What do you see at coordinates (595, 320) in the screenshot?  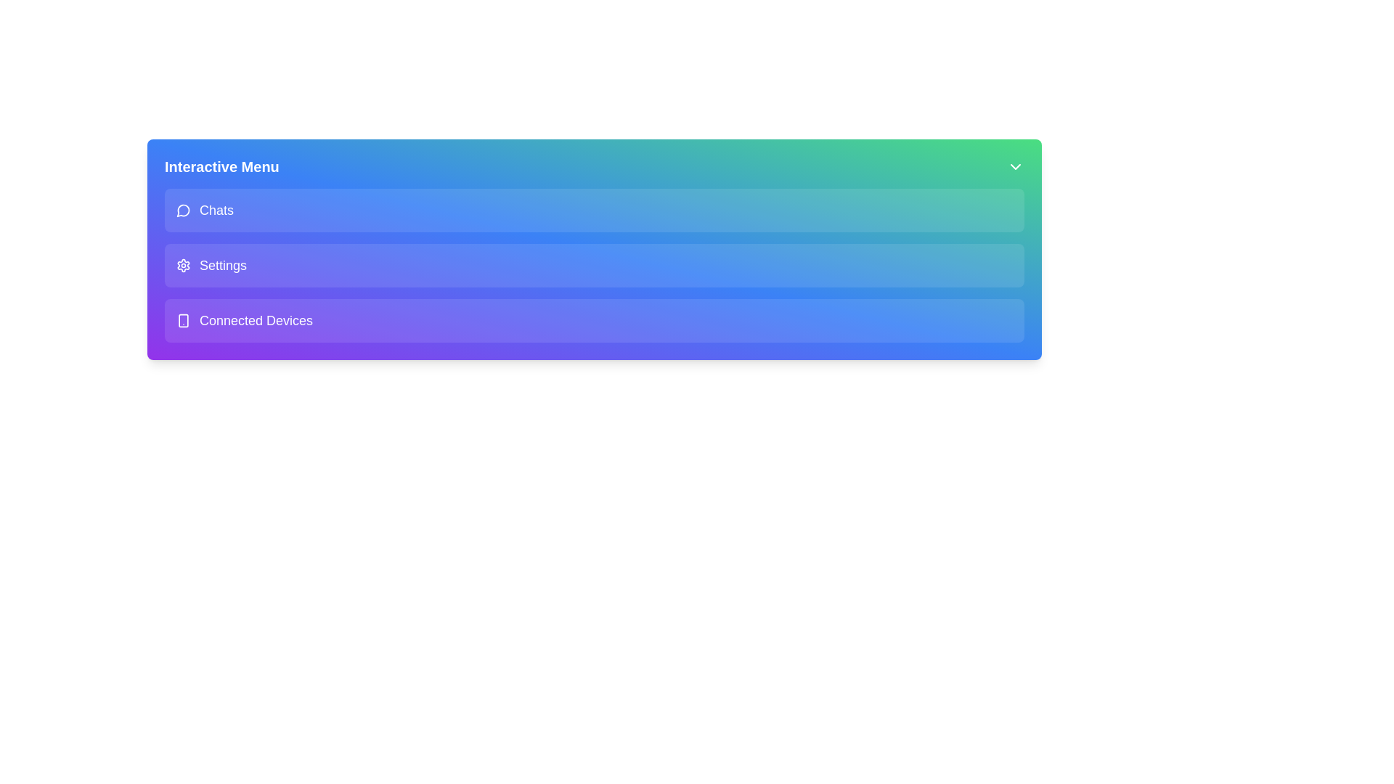 I see `the 'Connected Devices' item in the menu` at bounding box center [595, 320].